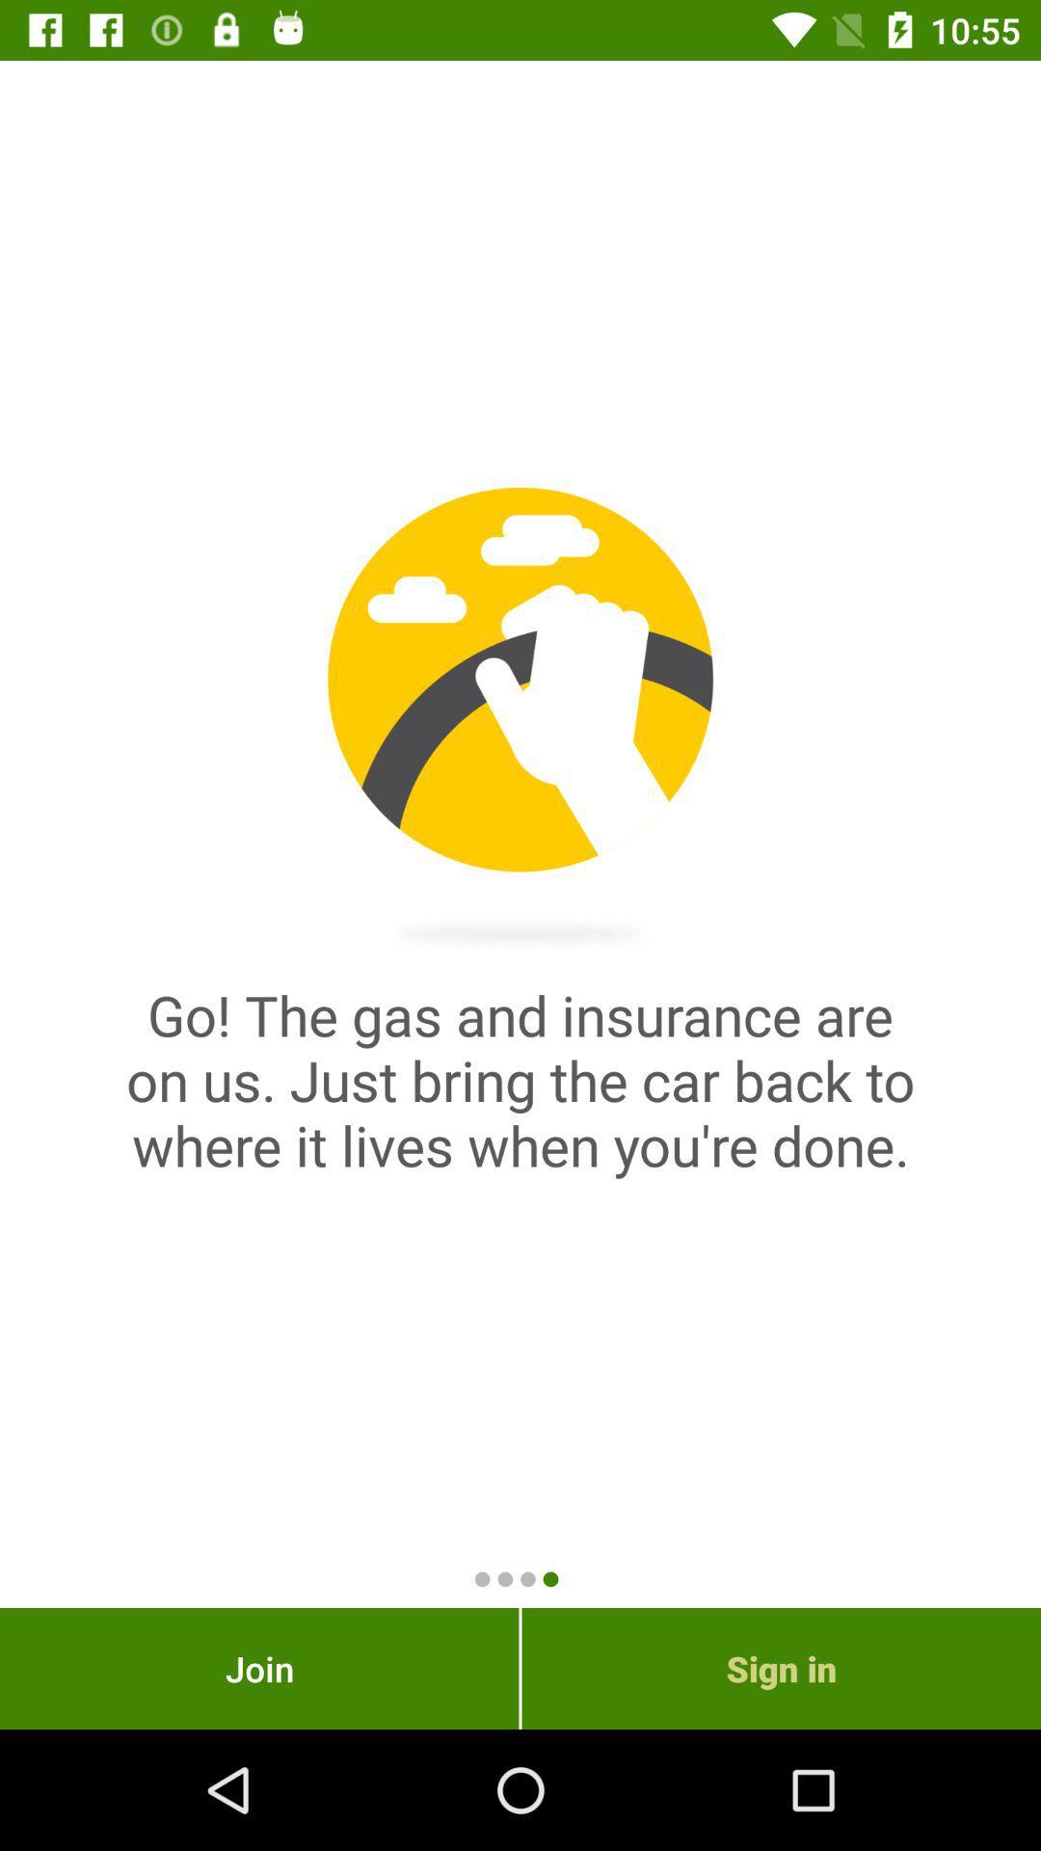  Describe the element at coordinates (258, 1668) in the screenshot. I see `the item to the left of sign in` at that location.